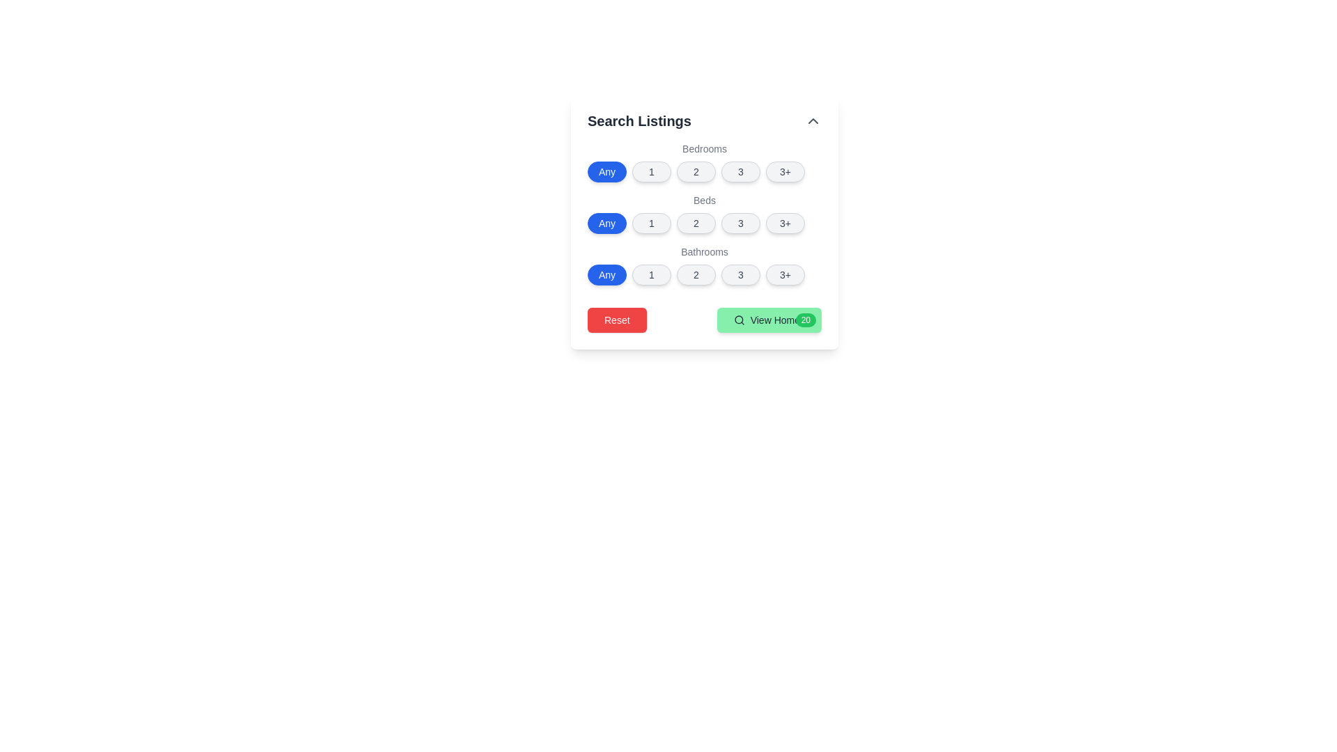 The height and width of the screenshot is (752, 1337). What do you see at coordinates (607, 274) in the screenshot?
I see `the first button in the third row of buttons labeled 'Bathrooms' in the 'Search Listings' dialog` at bounding box center [607, 274].